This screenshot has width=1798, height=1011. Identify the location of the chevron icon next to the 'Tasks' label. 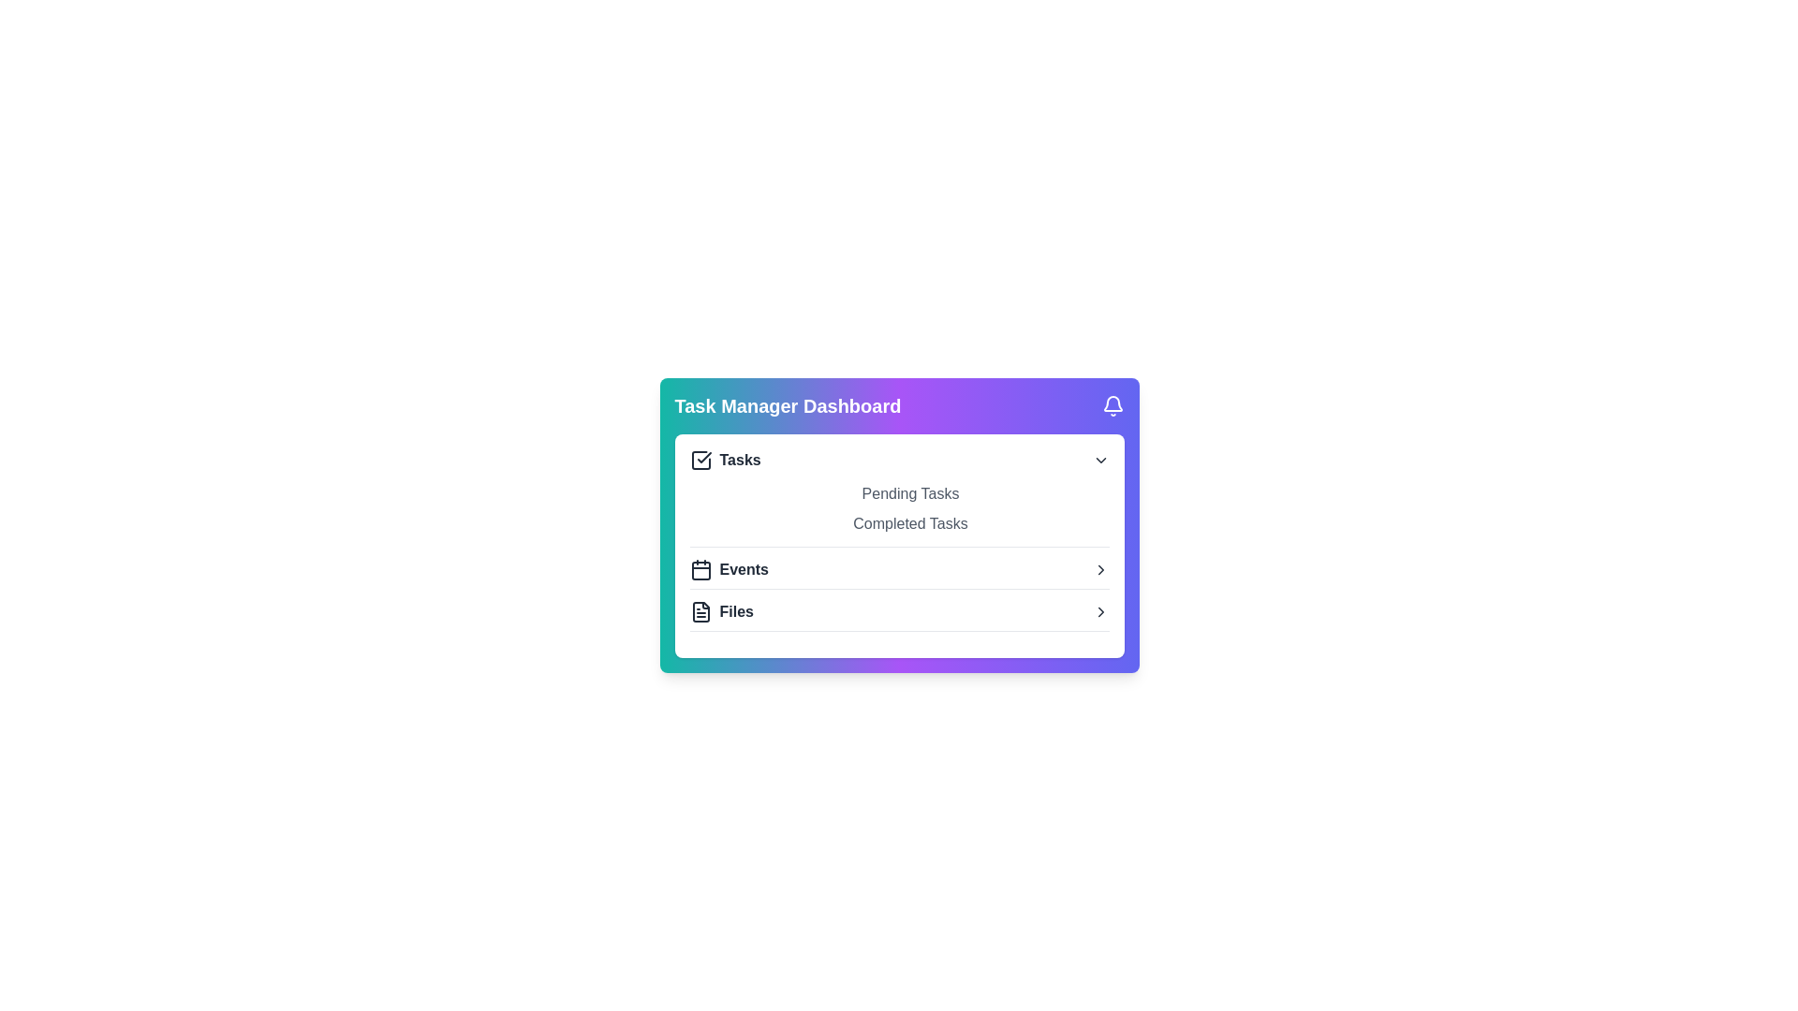
(1100, 461).